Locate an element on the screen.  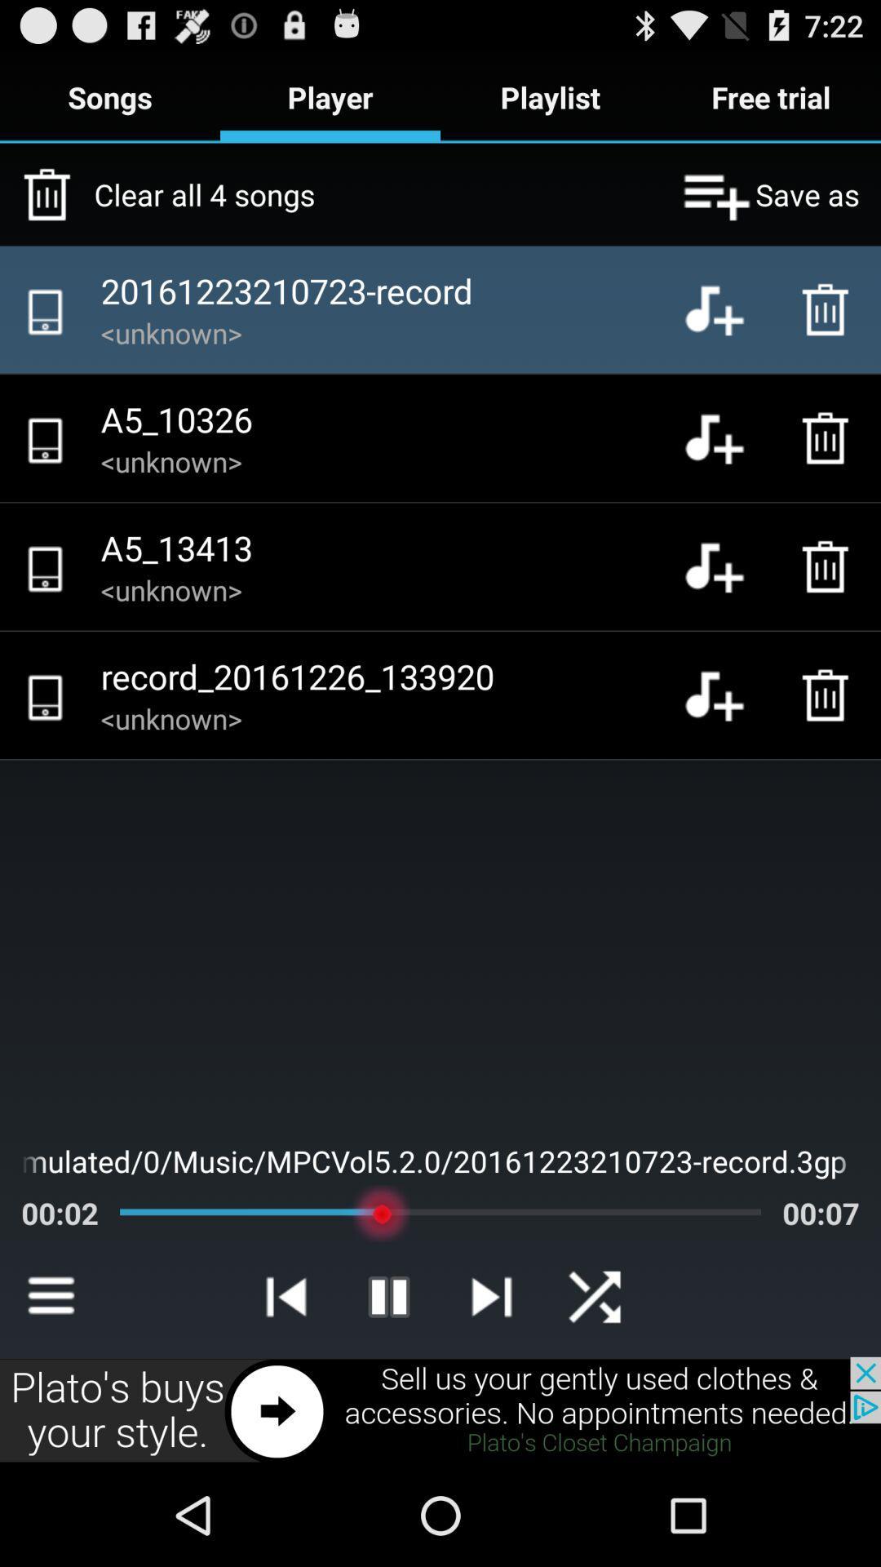
the skip_previous icon is located at coordinates (286, 1387).